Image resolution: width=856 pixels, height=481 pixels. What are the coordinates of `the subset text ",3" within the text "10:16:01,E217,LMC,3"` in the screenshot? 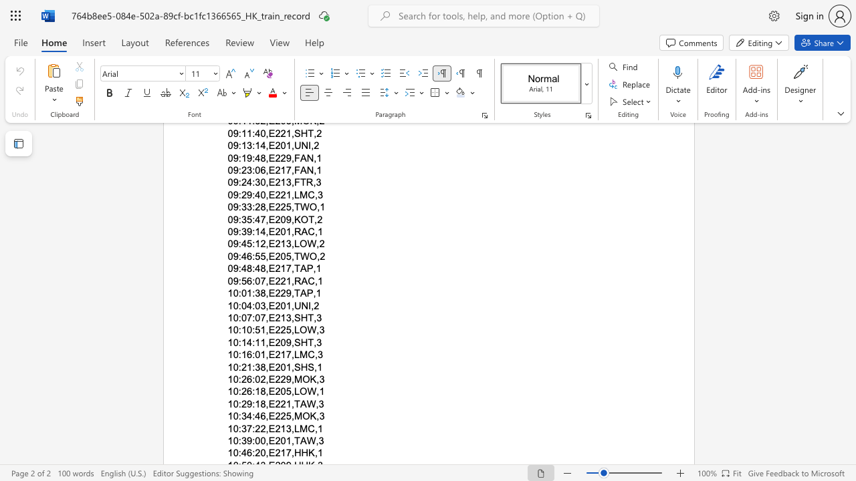 It's located at (314, 354).